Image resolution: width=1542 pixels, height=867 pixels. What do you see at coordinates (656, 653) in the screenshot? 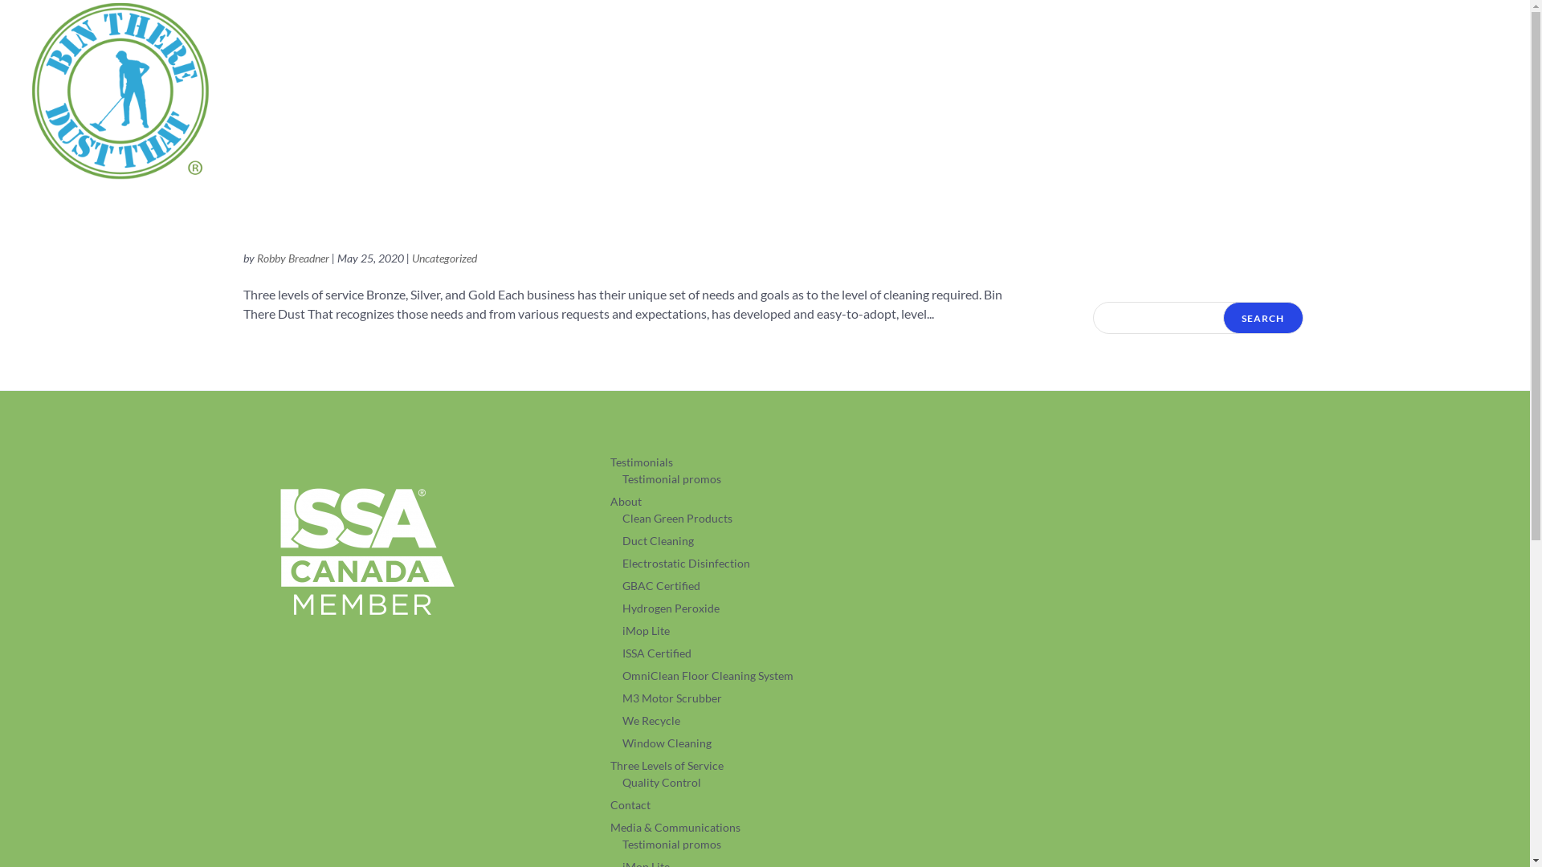
I see `'ISSA Certified'` at bounding box center [656, 653].